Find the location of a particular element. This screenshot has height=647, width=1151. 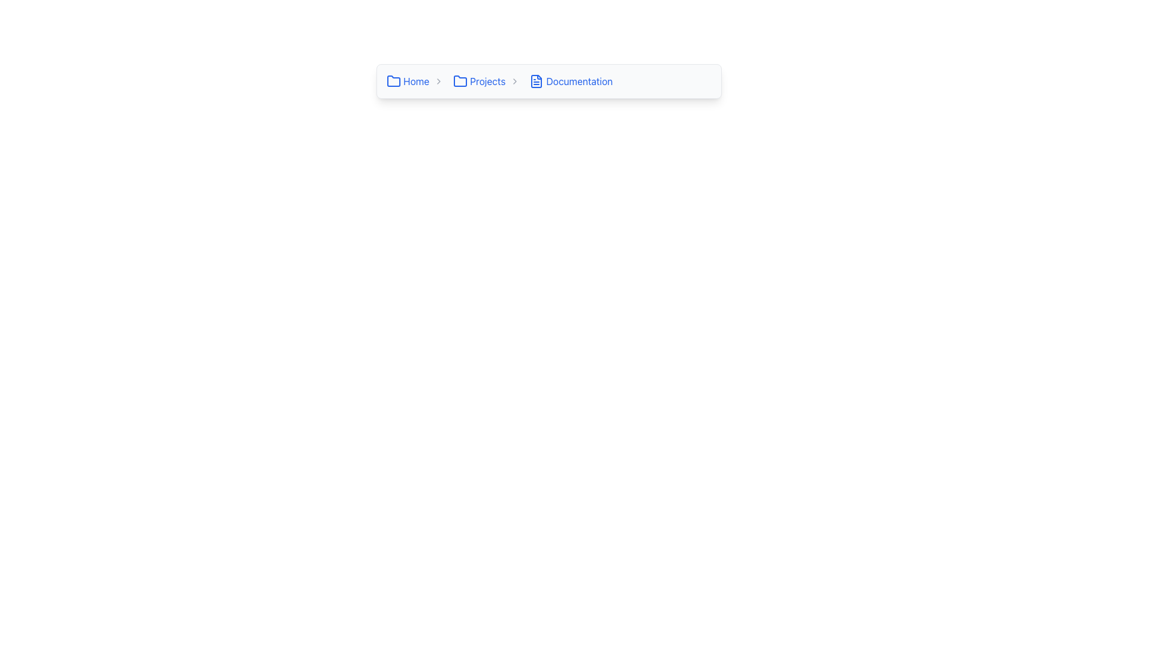

the first breadcrumb link labeled 'Home' in the top-left portion of the page is located at coordinates (417, 81).